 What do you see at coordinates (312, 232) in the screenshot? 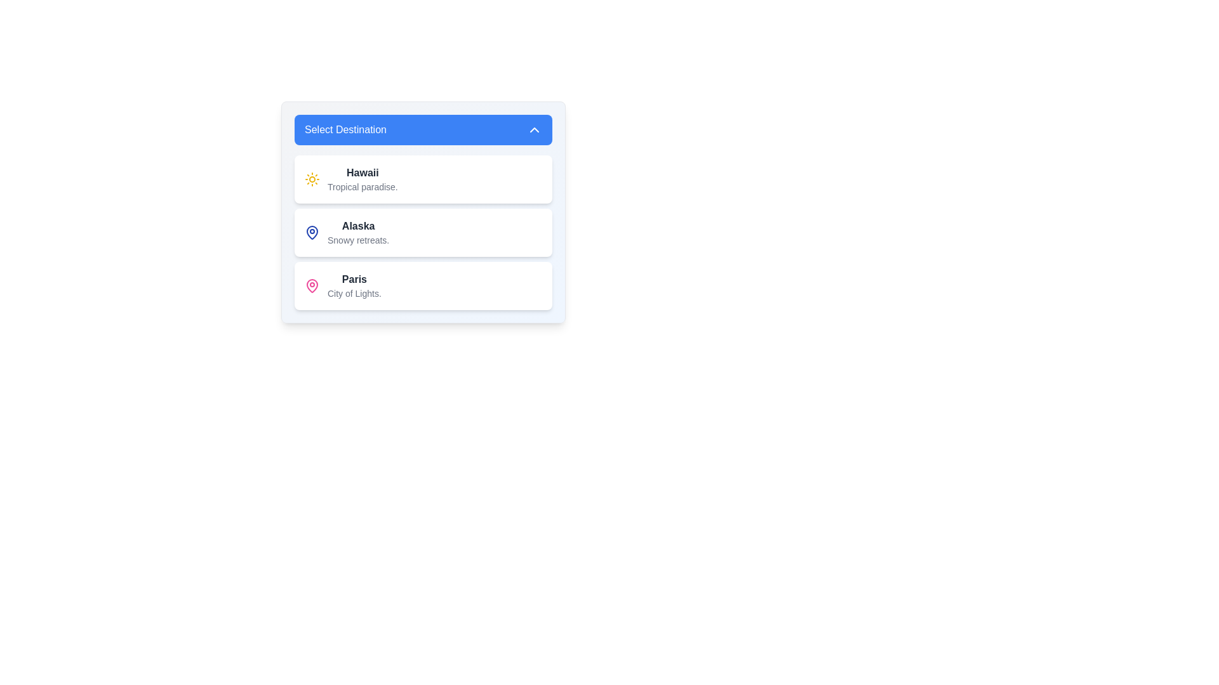
I see `the geographical location icon labeled 'Alaska' in the 'Select Destination' dropdown menu` at bounding box center [312, 232].